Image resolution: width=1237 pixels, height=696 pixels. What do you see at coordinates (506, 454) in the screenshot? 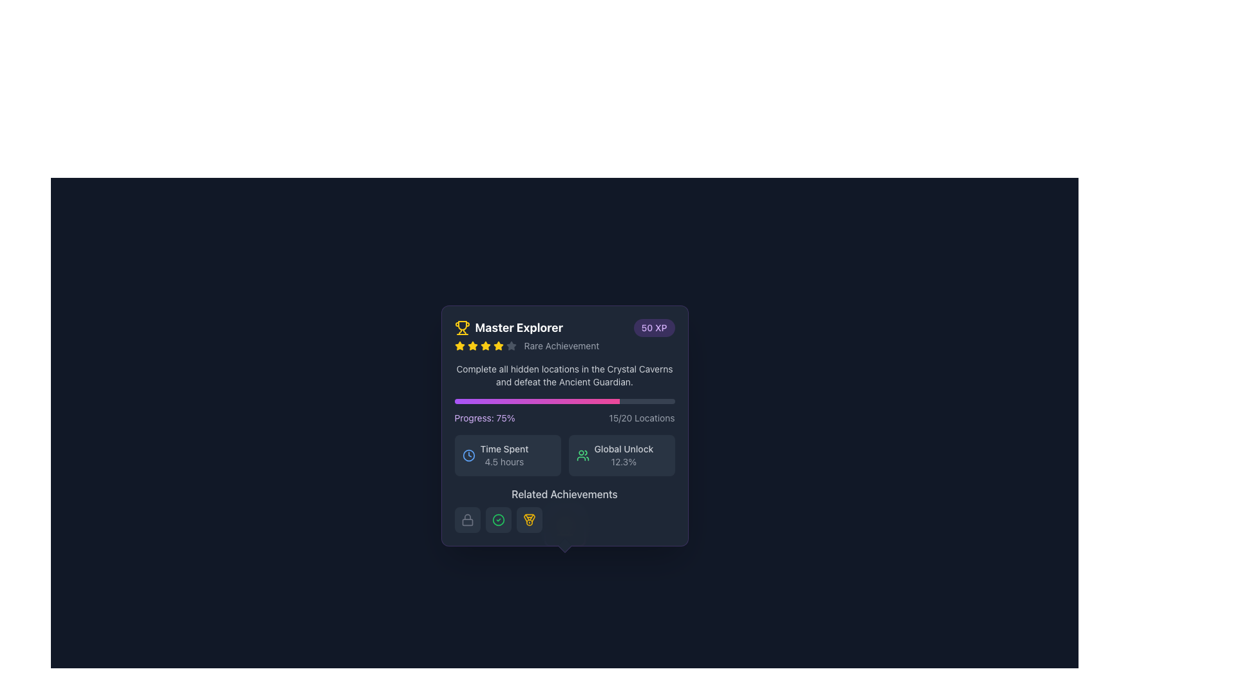
I see `the Information card displaying 'Time Spent' with a clock icon and value '4.5 hours', located in the left half of the grid structure` at bounding box center [506, 454].